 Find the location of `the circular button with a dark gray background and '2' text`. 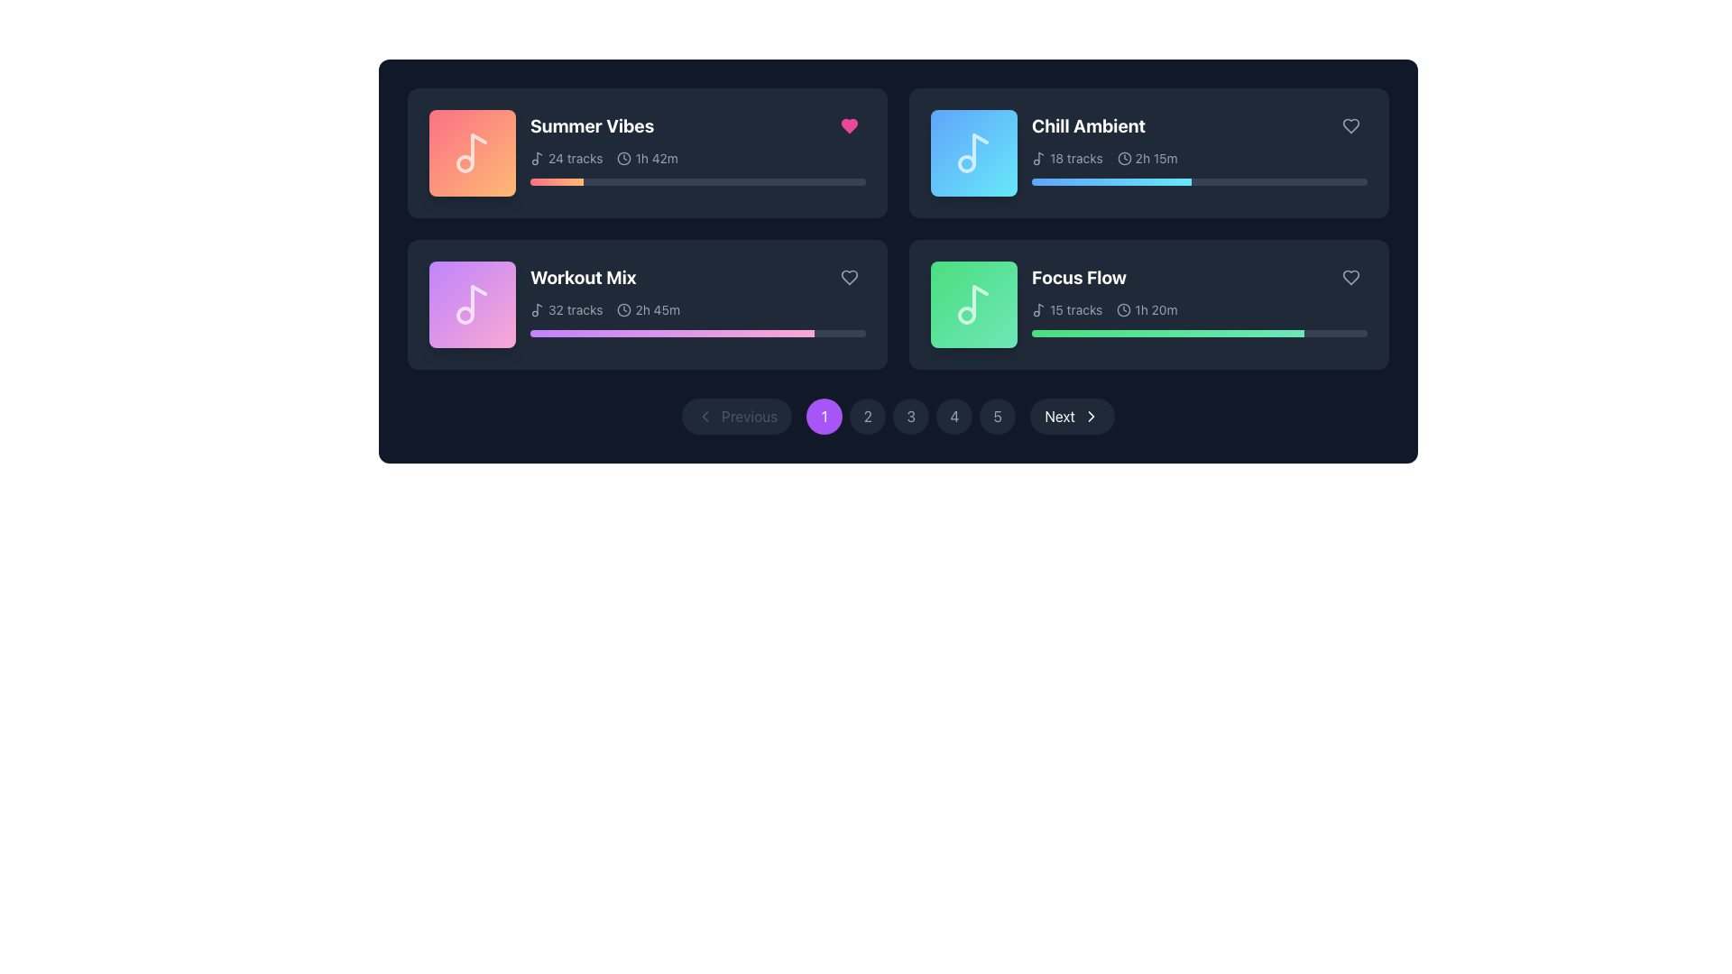

the circular button with a dark gray background and '2' text is located at coordinates (868, 417).